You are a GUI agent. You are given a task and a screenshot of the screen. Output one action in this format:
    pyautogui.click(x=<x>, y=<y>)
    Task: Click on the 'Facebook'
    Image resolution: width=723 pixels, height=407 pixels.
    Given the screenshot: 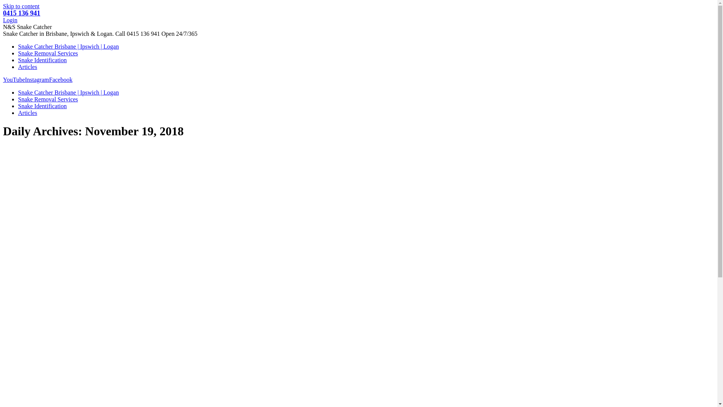 What is the action you would take?
    pyautogui.click(x=61, y=80)
    